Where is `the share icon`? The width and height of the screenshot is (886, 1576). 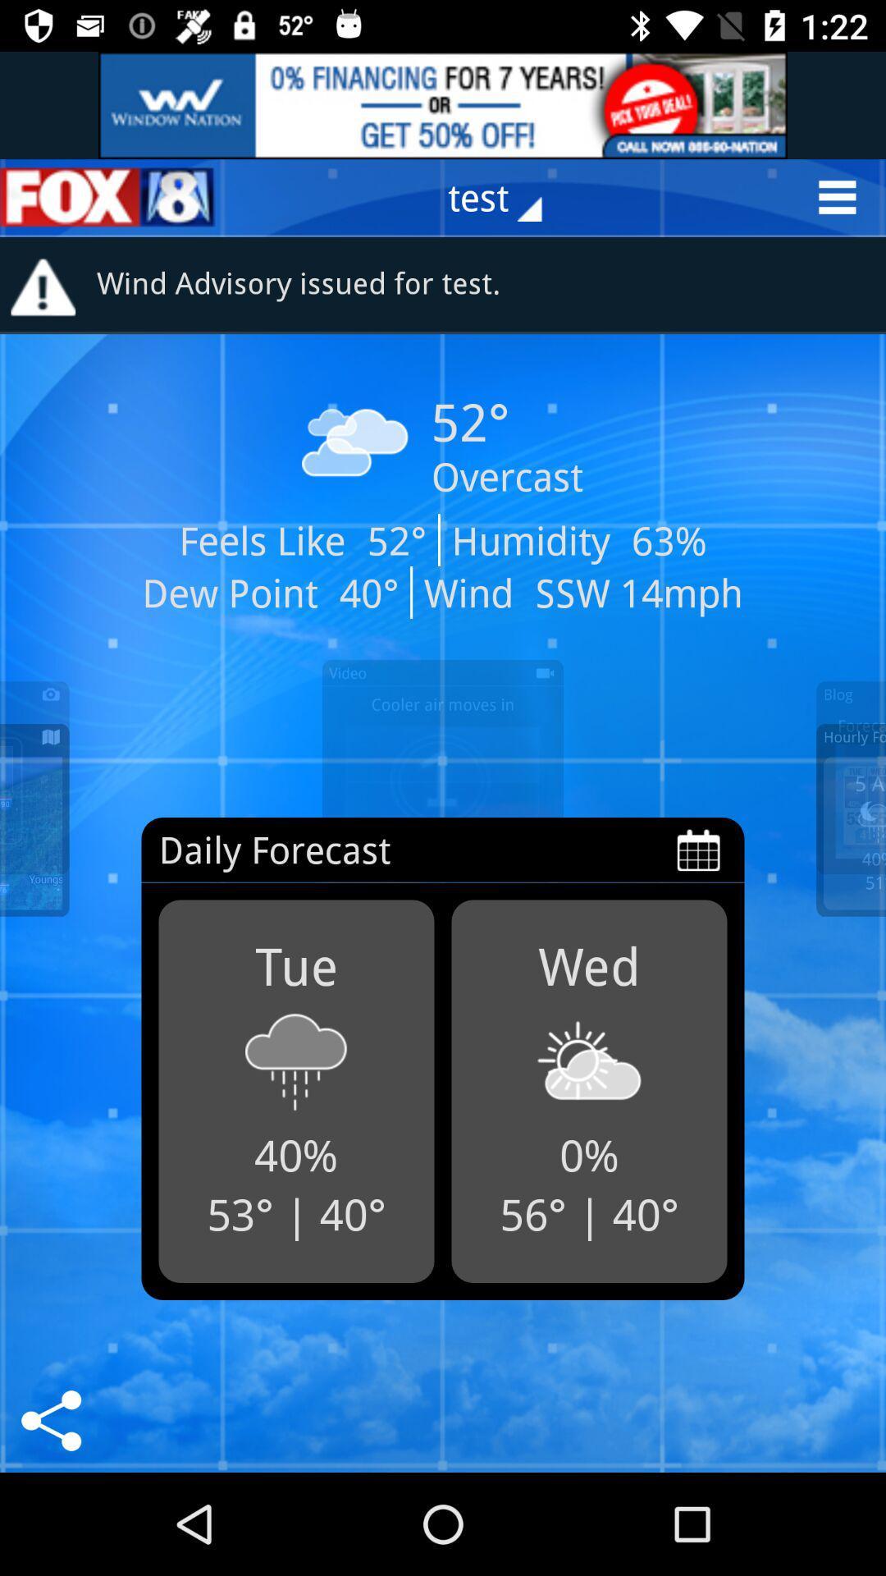
the share icon is located at coordinates (50, 1420).